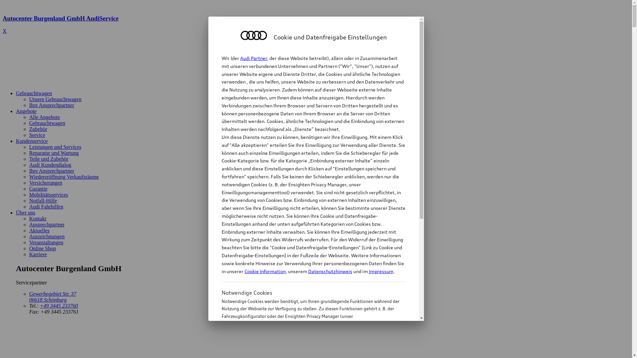  I want to click on 'Service', so click(36, 135).